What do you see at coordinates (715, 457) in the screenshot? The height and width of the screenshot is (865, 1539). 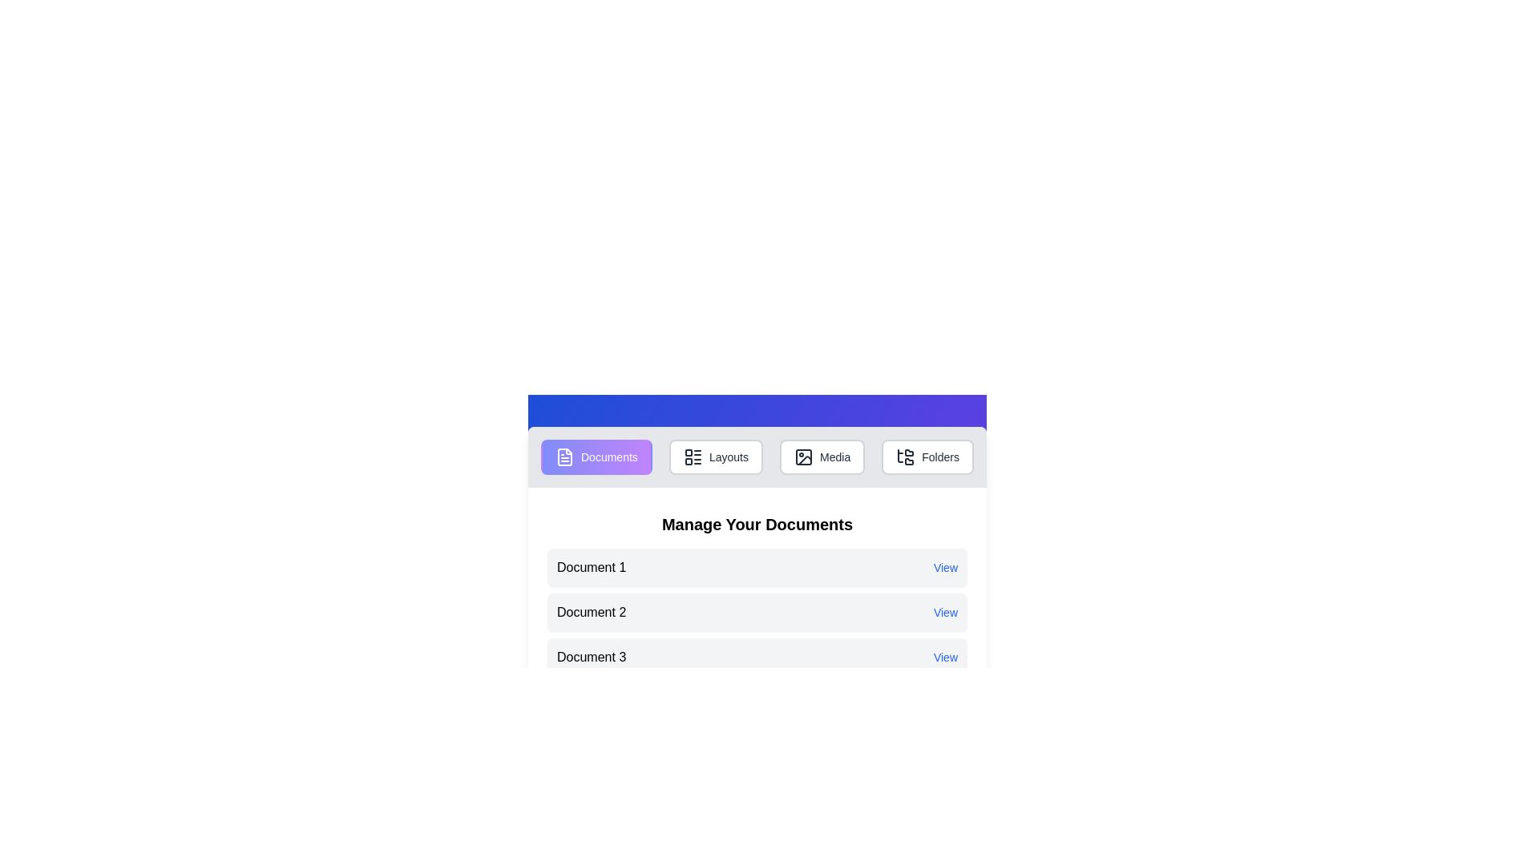 I see `the 'Layouts' navigation button, which is the second button from the left in a row of navigation buttons, positioned between 'Documents' and 'Media'` at bounding box center [715, 457].